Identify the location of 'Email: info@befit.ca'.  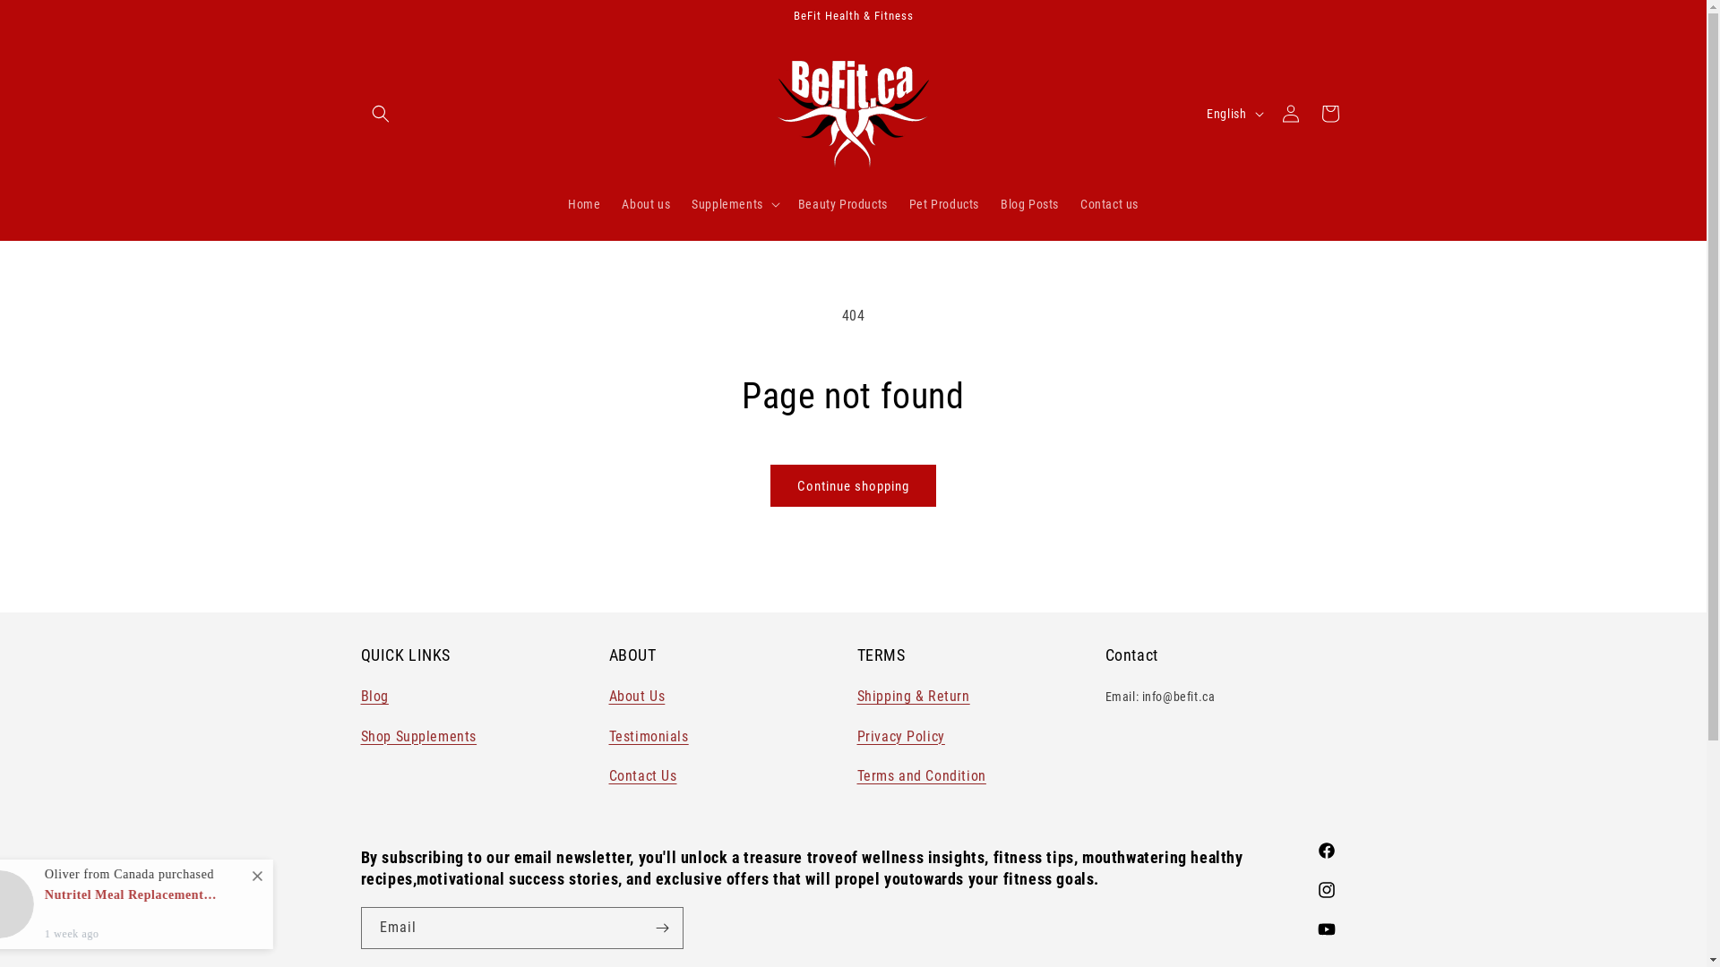
(1160, 697).